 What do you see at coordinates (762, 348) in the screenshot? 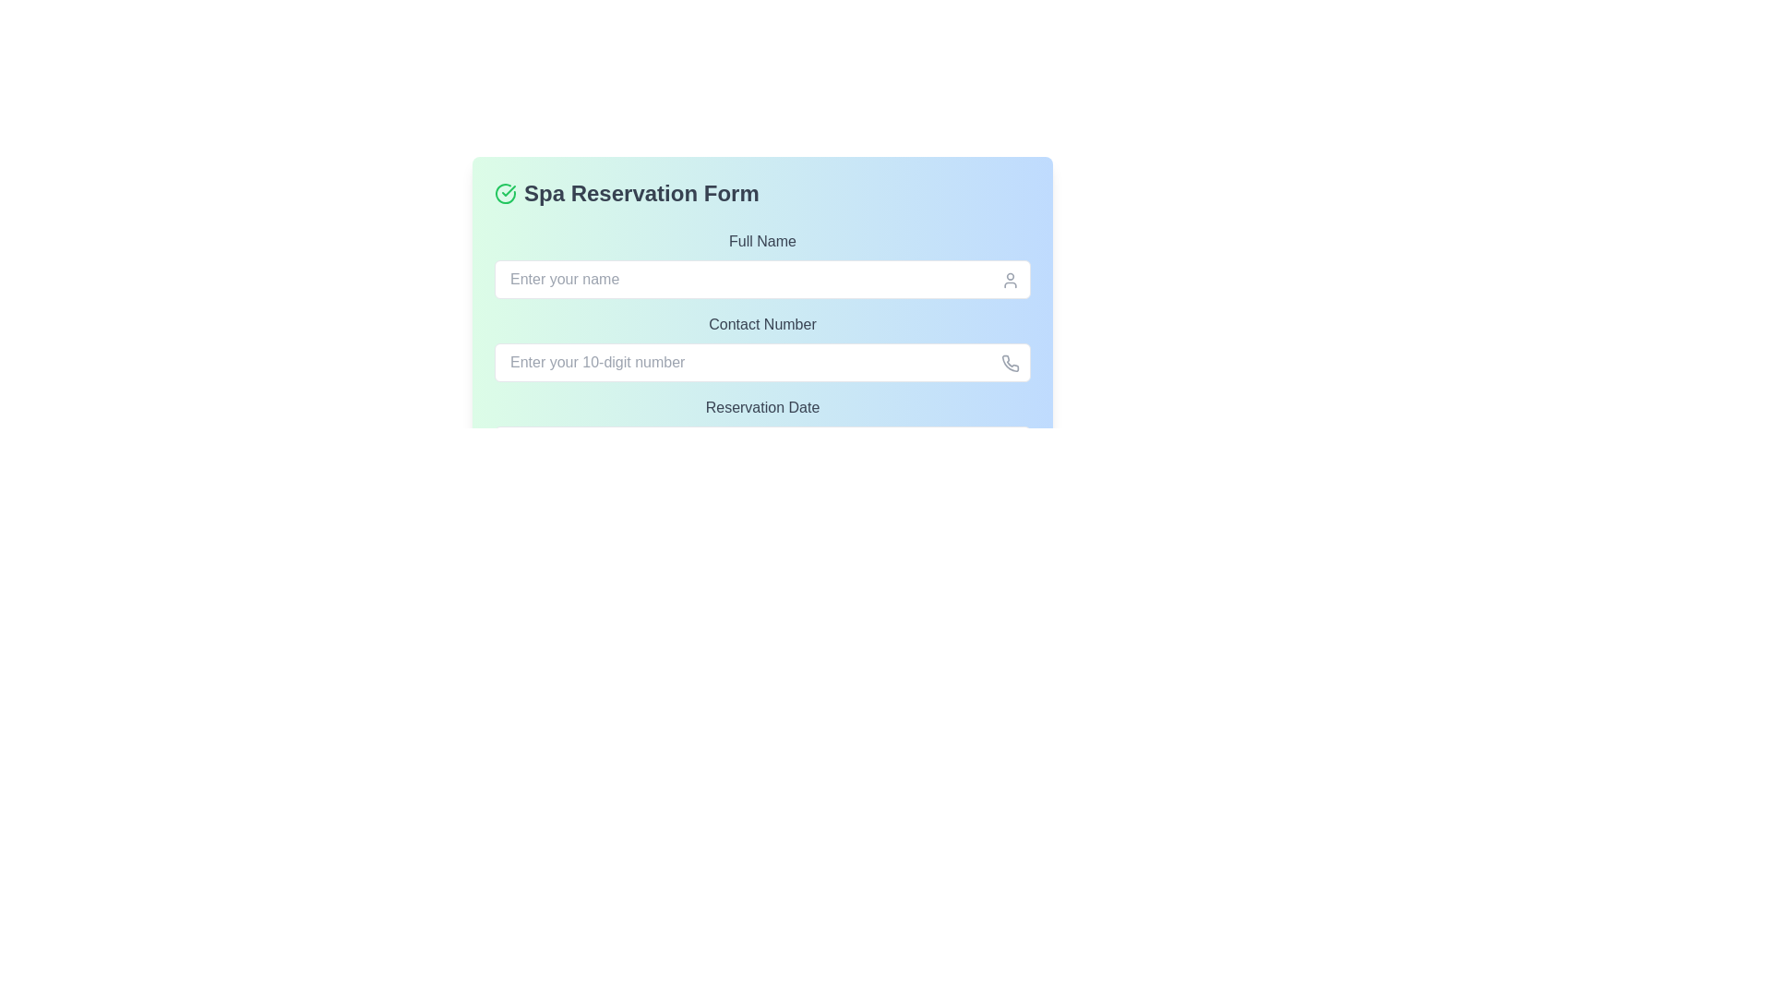
I see `the 'Contact Number' label, which is a medium-sized gray text label situated between 'Full Name' and 'Reservation Date' in the input field section` at bounding box center [762, 348].